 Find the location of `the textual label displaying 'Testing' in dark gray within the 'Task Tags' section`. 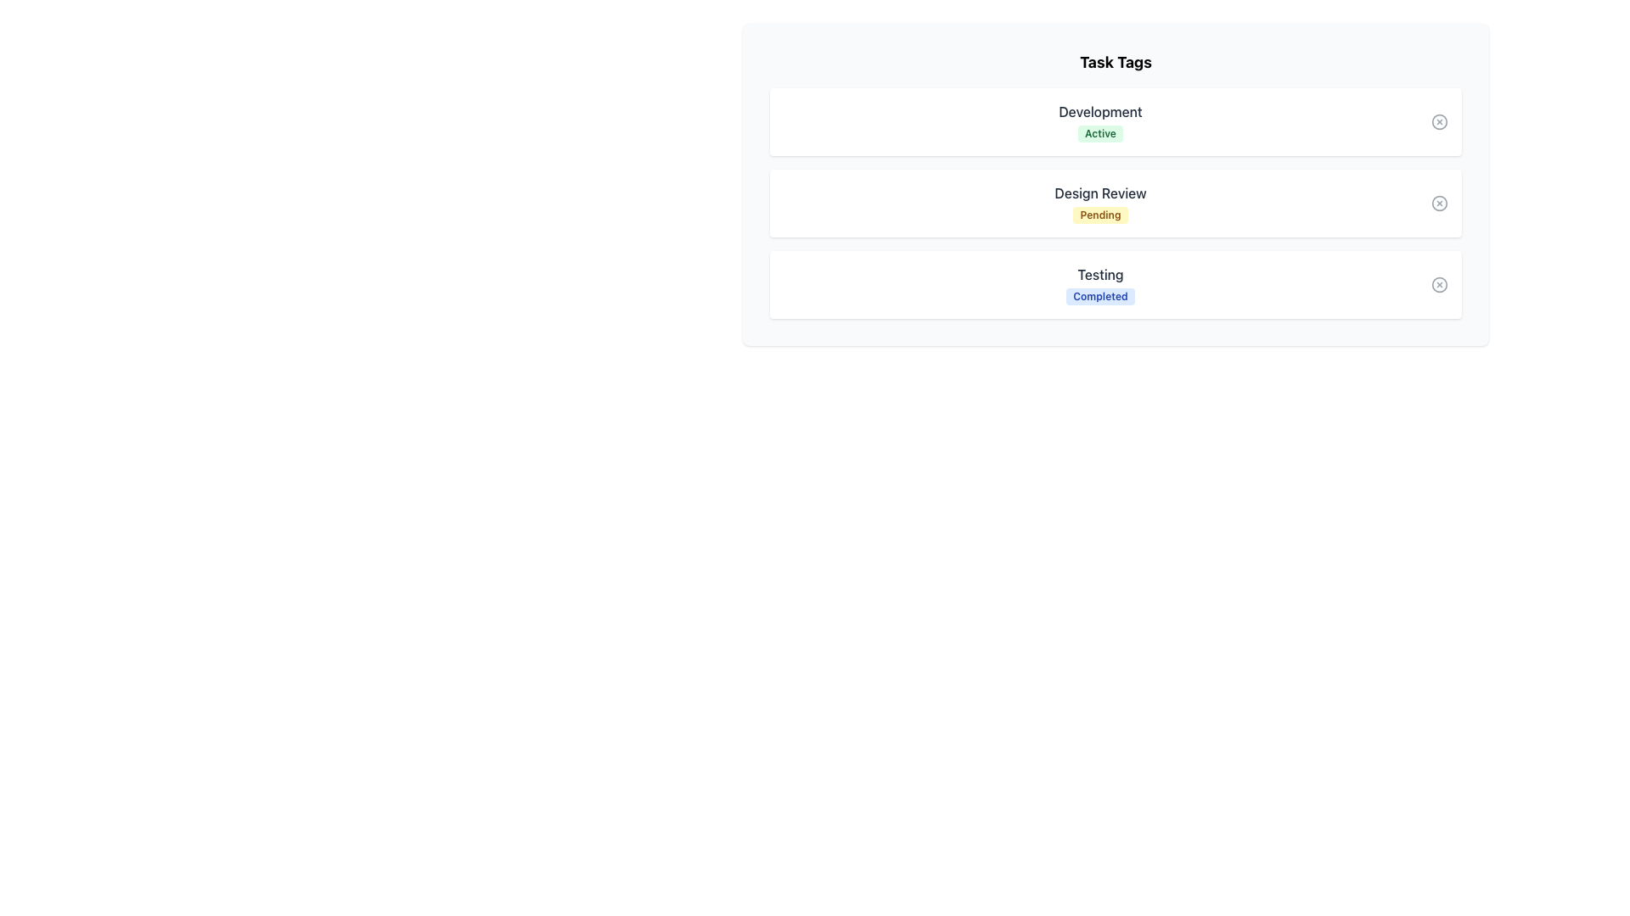

the textual label displaying 'Testing' in dark gray within the 'Task Tags' section is located at coordinates (1100, 274).